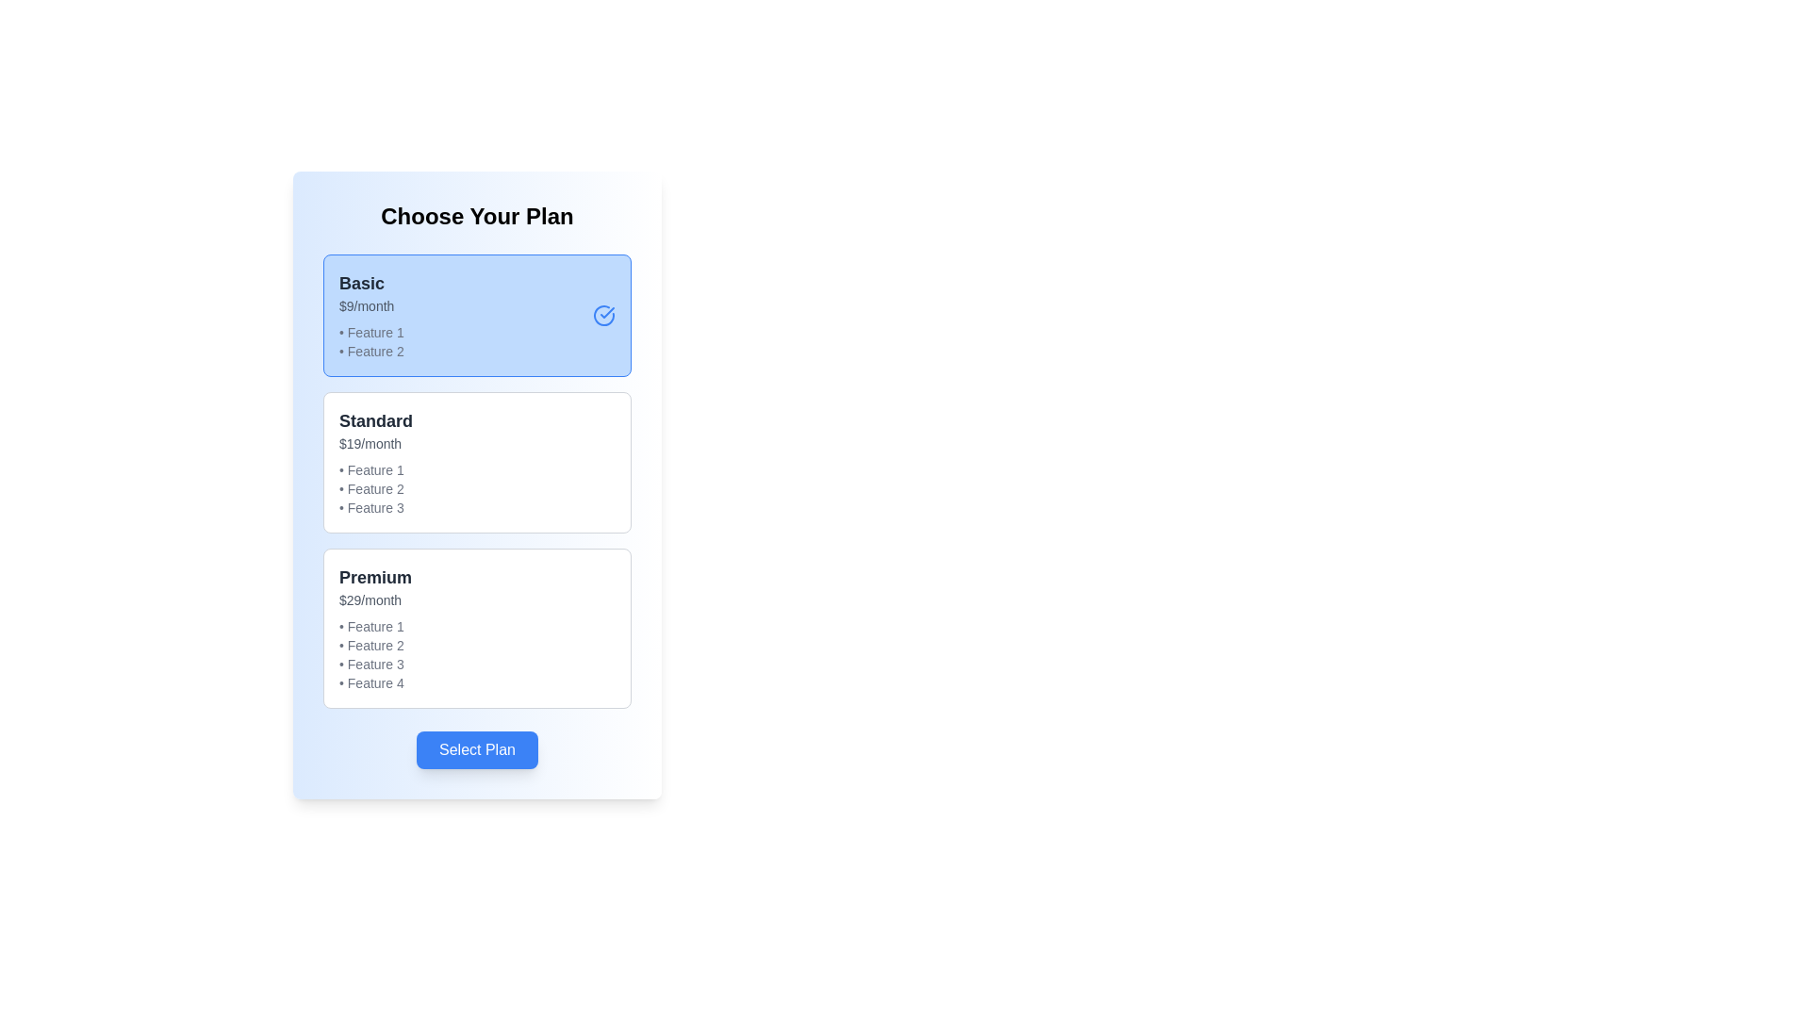  I want to click on text element displaying '• Feature 1', which is styled in a light gray color and is the first bullet point in the 'Basic' plan section, so click(371, 332).